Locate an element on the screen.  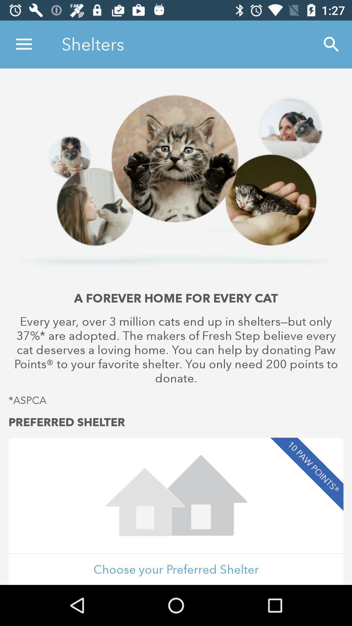
the icon to the left of the shelters icon is located at coordinates (23, 44).